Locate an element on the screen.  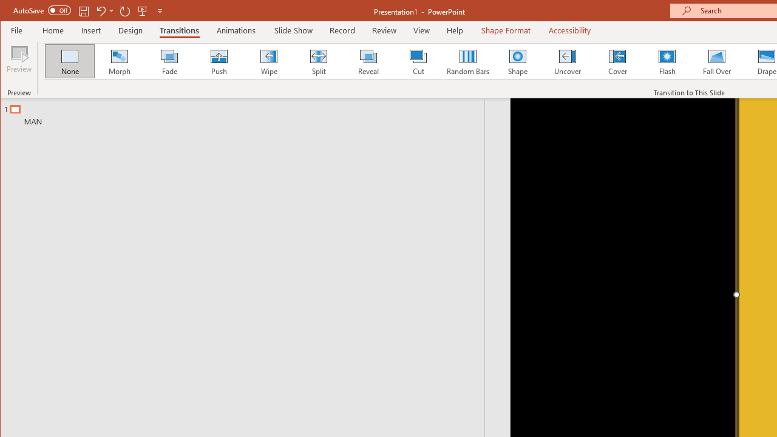
'Split' is located at coordinates (318, 61).